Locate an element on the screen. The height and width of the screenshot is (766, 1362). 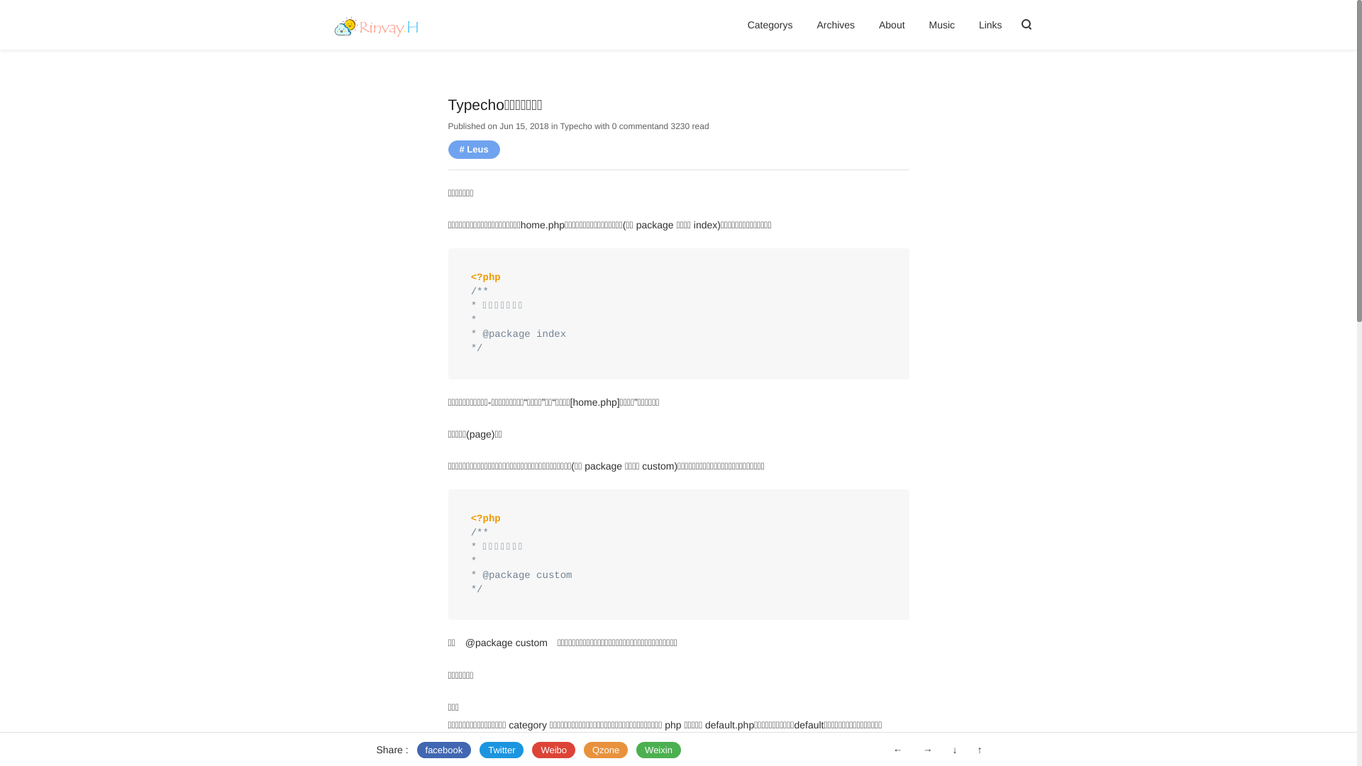
'Categorys' is located at coordinates (769, 24).